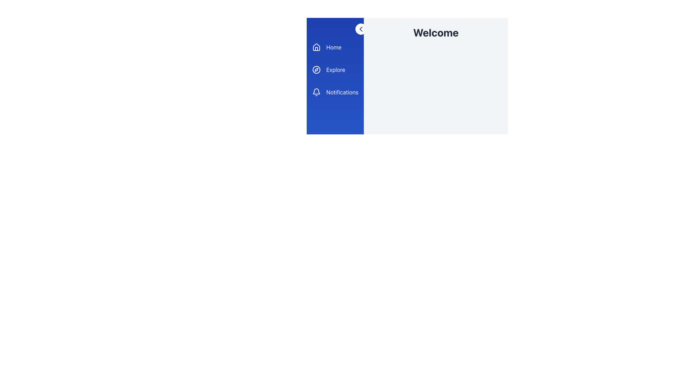 The image size is (673, 379). I want to click on the individual labels in the Navigation menu, such as 'Home', 'Explore', or 'Notifications', located in the top-left area of the sidebar, so click(335, 58).